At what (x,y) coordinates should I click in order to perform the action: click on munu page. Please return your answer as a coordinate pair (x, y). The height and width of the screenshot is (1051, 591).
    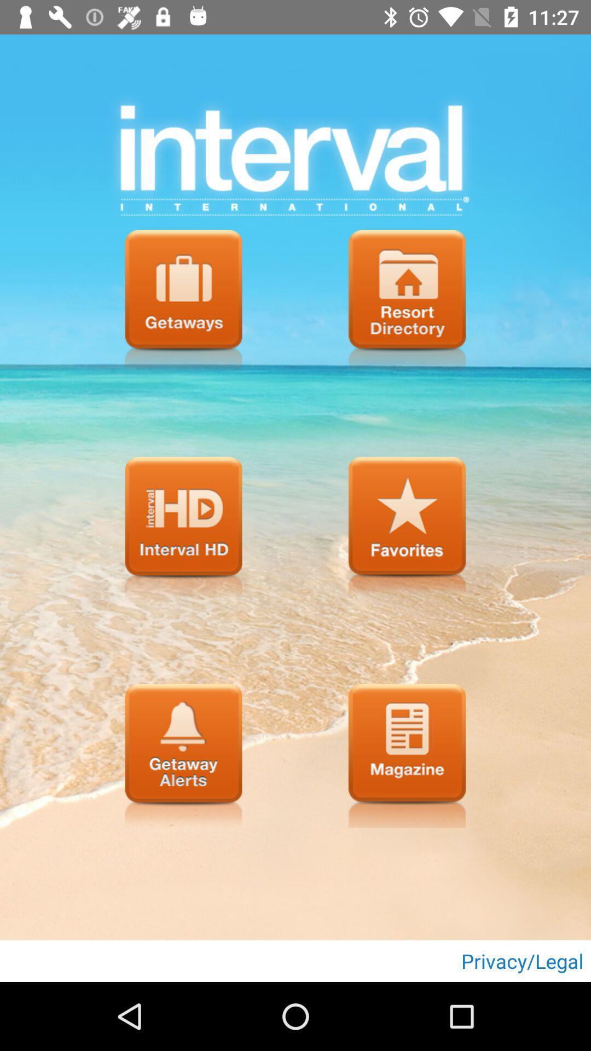
    Looking at the image, I should click on (183, 528).